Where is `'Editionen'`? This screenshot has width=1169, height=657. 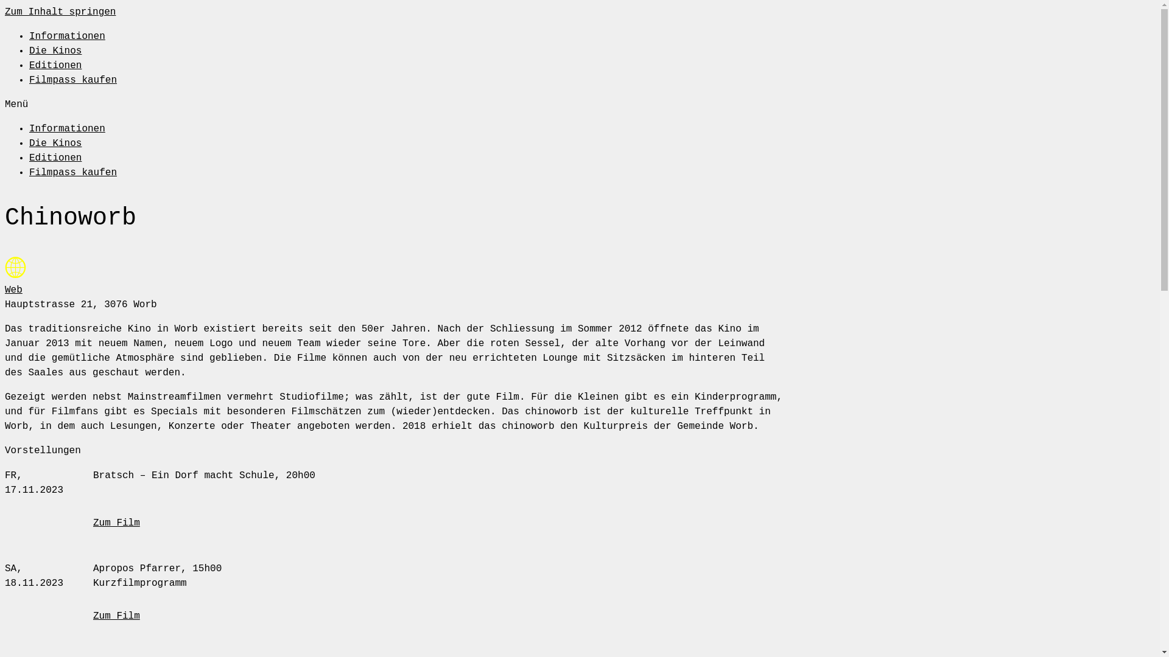
'Editionen' is located at coordinates (55, 66).